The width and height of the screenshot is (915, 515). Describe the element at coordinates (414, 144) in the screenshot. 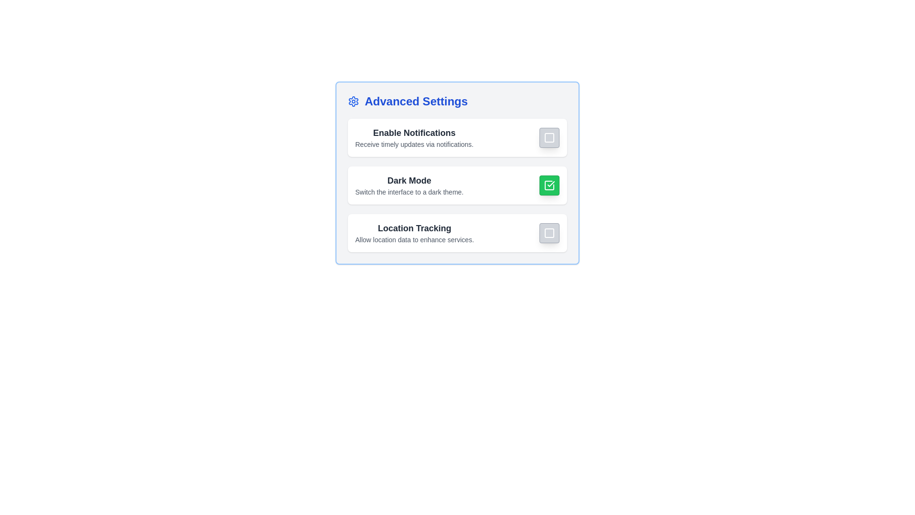

I see `the text label reading 'Receive timely updates via notifications.', which serves as a descriptive subtitle for the 'Enable Notifications' header` at that location.